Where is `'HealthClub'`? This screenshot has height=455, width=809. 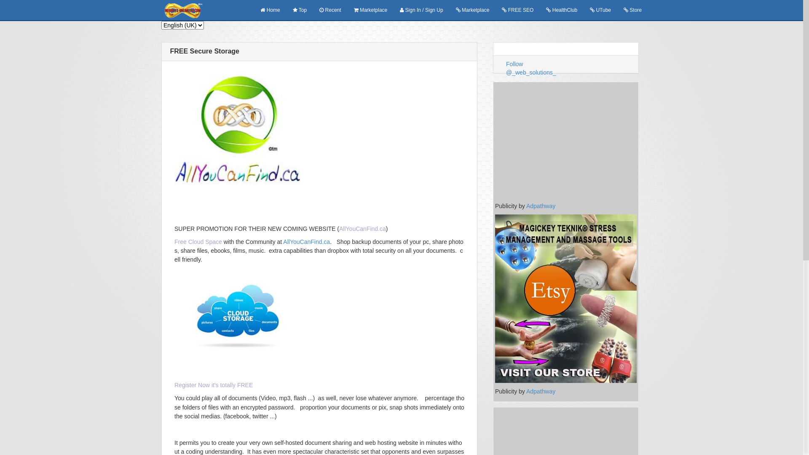 'HealthClub' is located at coordinates (562, 10).